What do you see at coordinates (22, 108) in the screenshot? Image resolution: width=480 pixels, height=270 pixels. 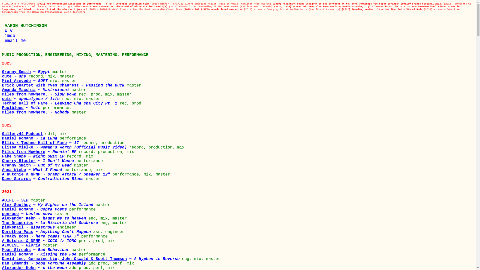 I see `'Poolblood ~ Mole'` at bounding box center [22, 108].